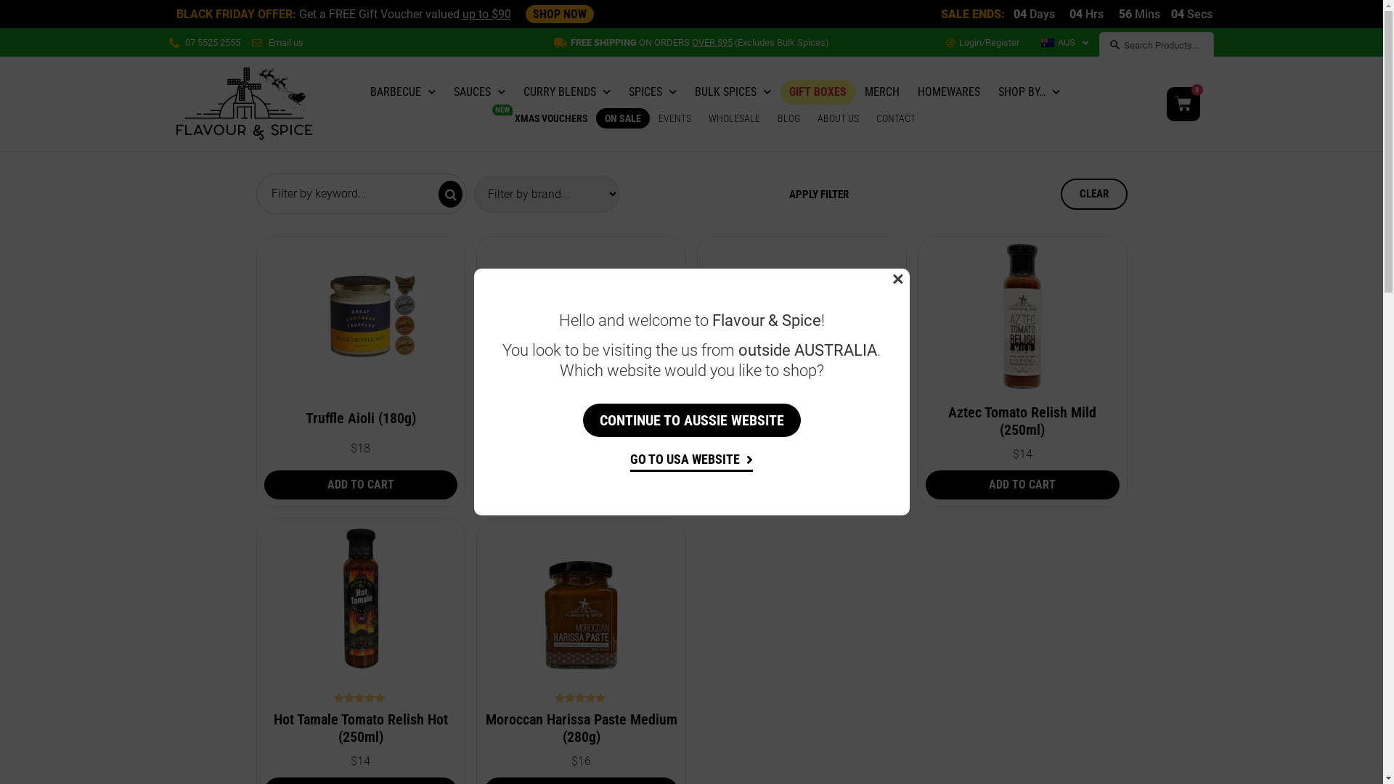 The width and height of the screenshot is (1394, 784). What do you see at coordinates (361, 484) in the screenshot?
I see `'ADD TO CART'` at bounding box center [361, 484].